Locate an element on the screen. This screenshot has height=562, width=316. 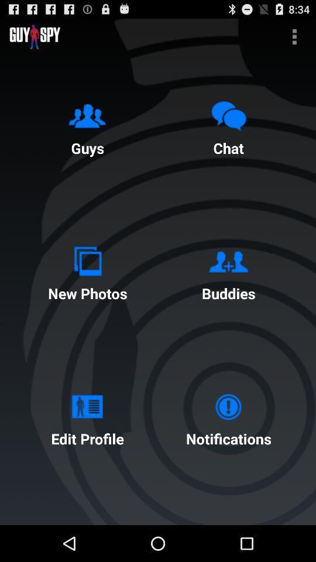
icon to the right of the guys icon is located at coordinates (228, 126).